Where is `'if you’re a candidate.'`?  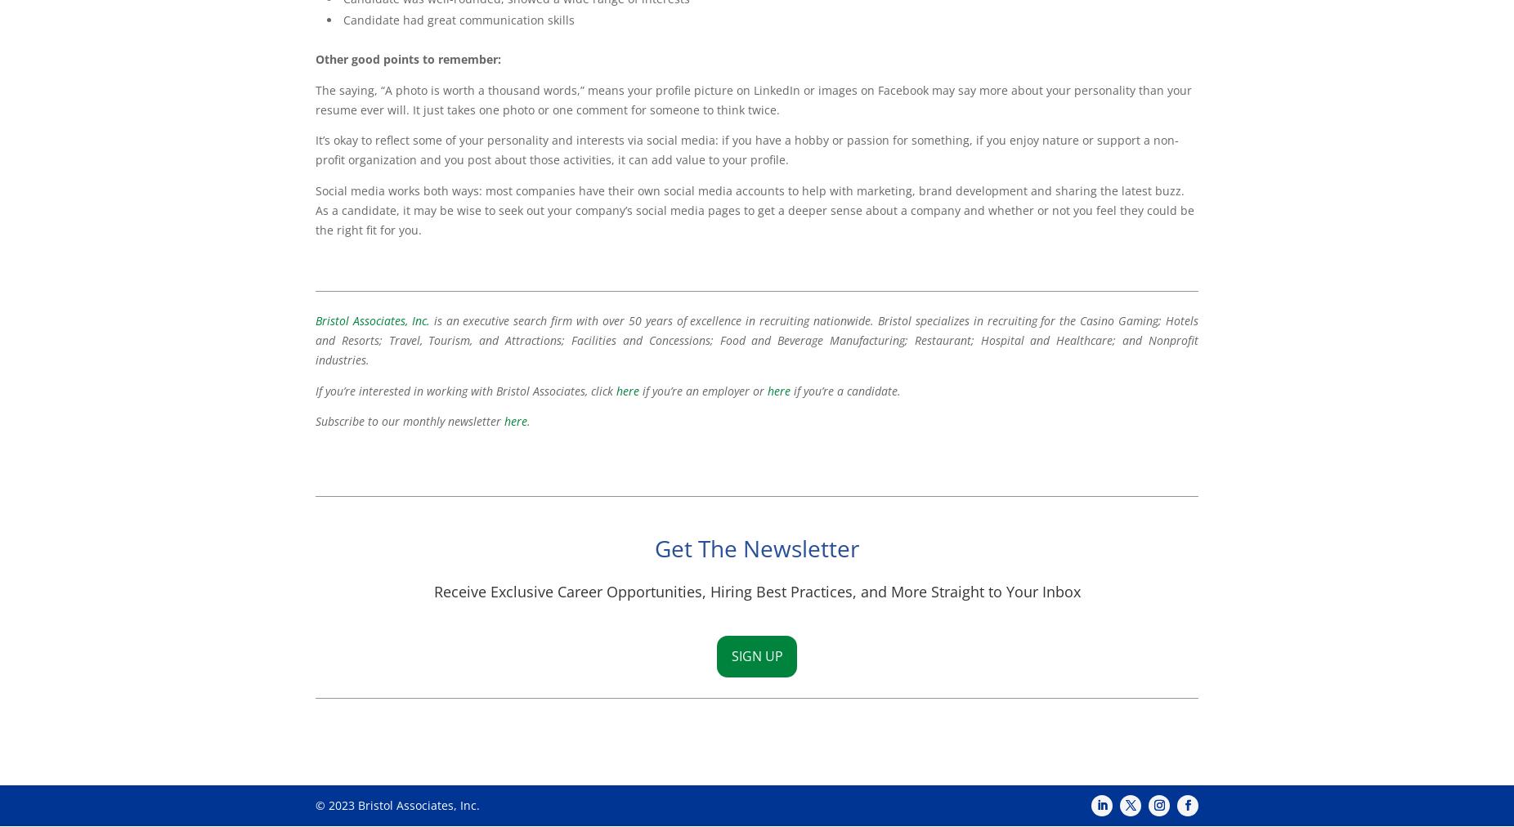 'if you’re a candidate.' is located at coordinates (789, 390).